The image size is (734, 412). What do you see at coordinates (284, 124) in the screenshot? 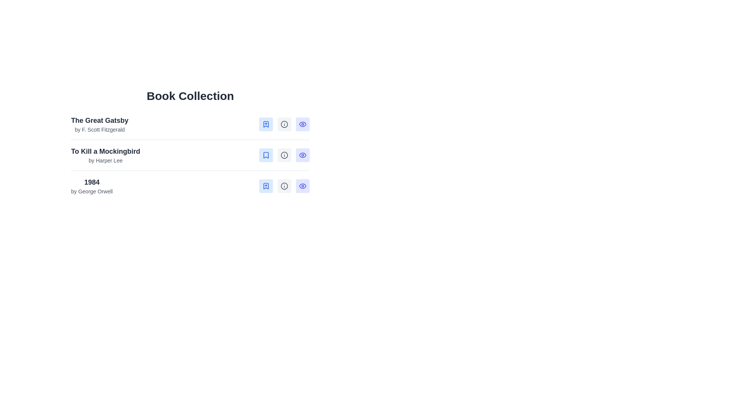
I see `the information icon button located as the second icon in the row of interactive icons to the right of the first listed book, 'The Great Gatsby', in the 'Book Collection' section` at bounding box center [284, 124].